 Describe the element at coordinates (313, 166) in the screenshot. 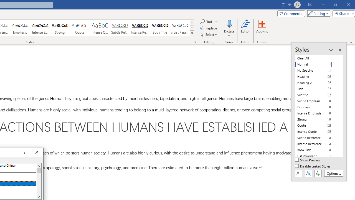

I see `'Disable Linked Styles'` at that location.